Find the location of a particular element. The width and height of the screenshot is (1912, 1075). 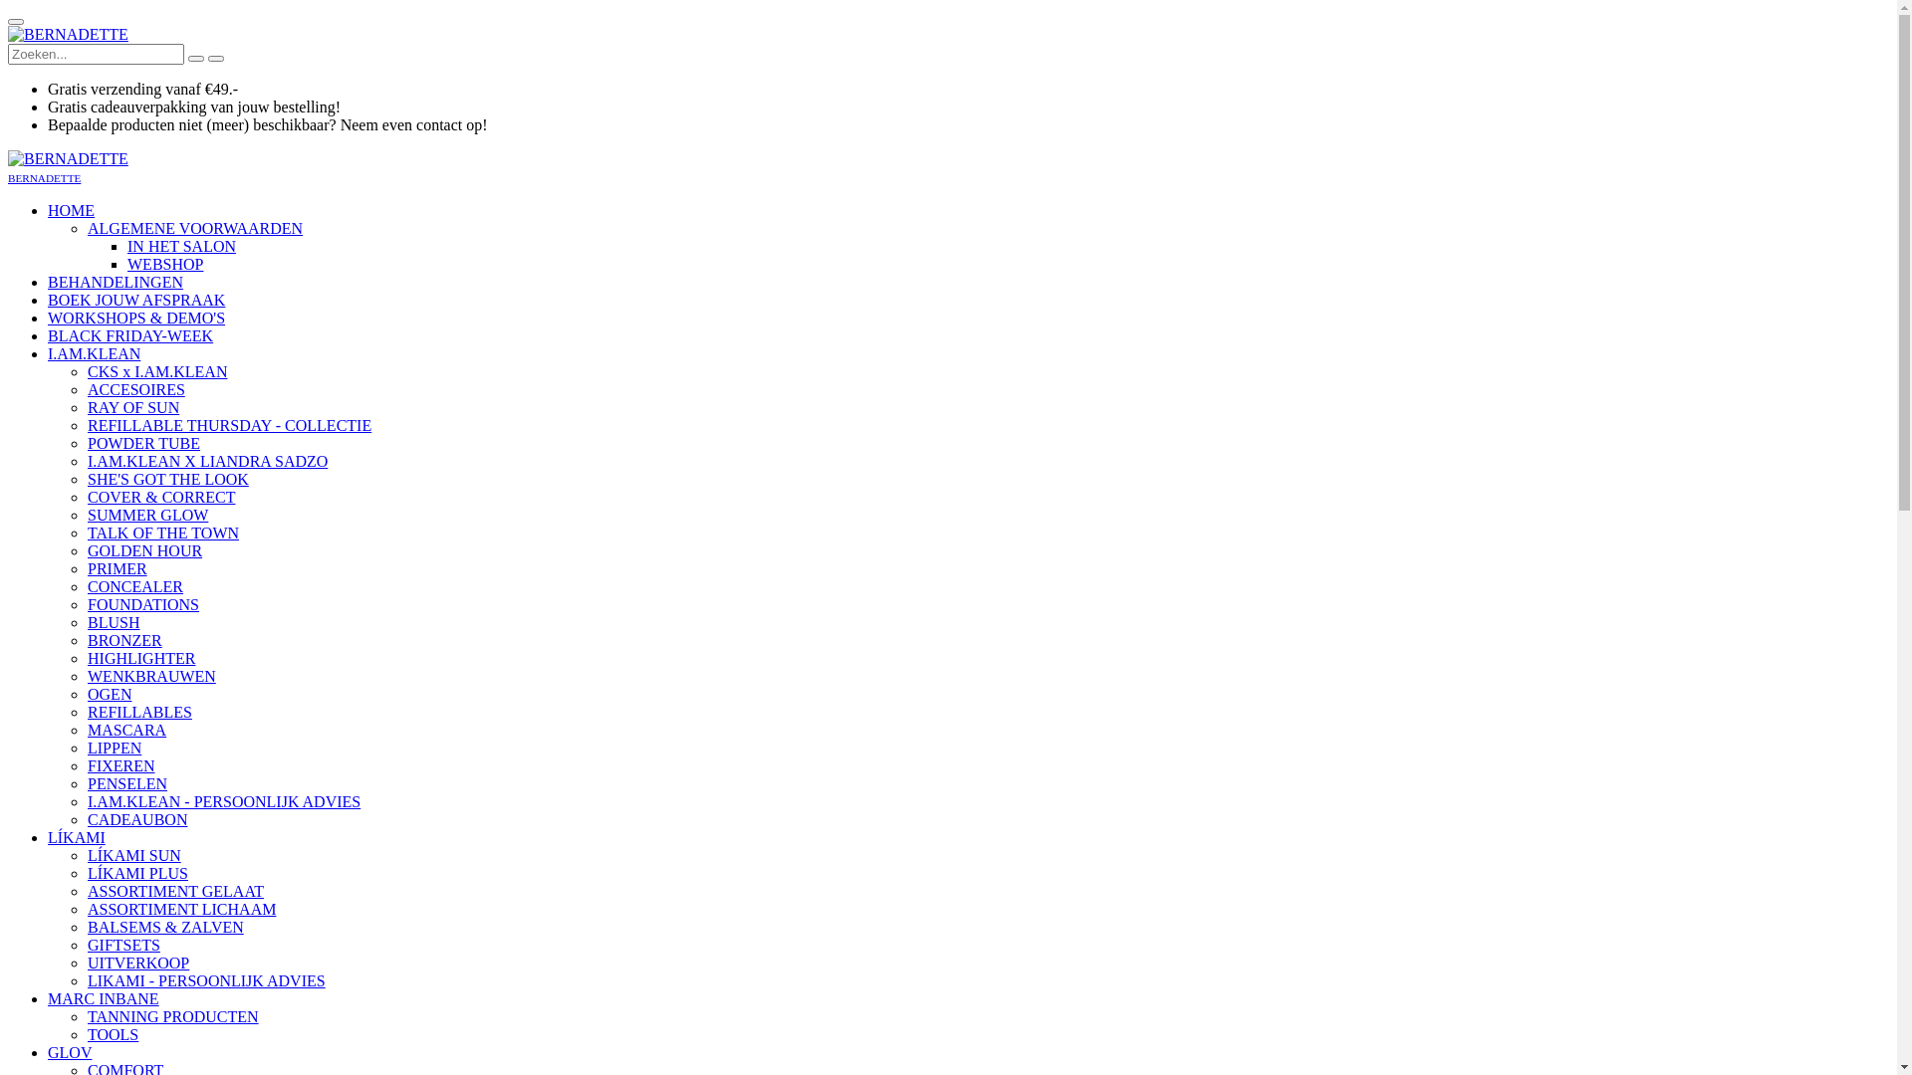

'OGEN' is located at coordinates (109, 693).